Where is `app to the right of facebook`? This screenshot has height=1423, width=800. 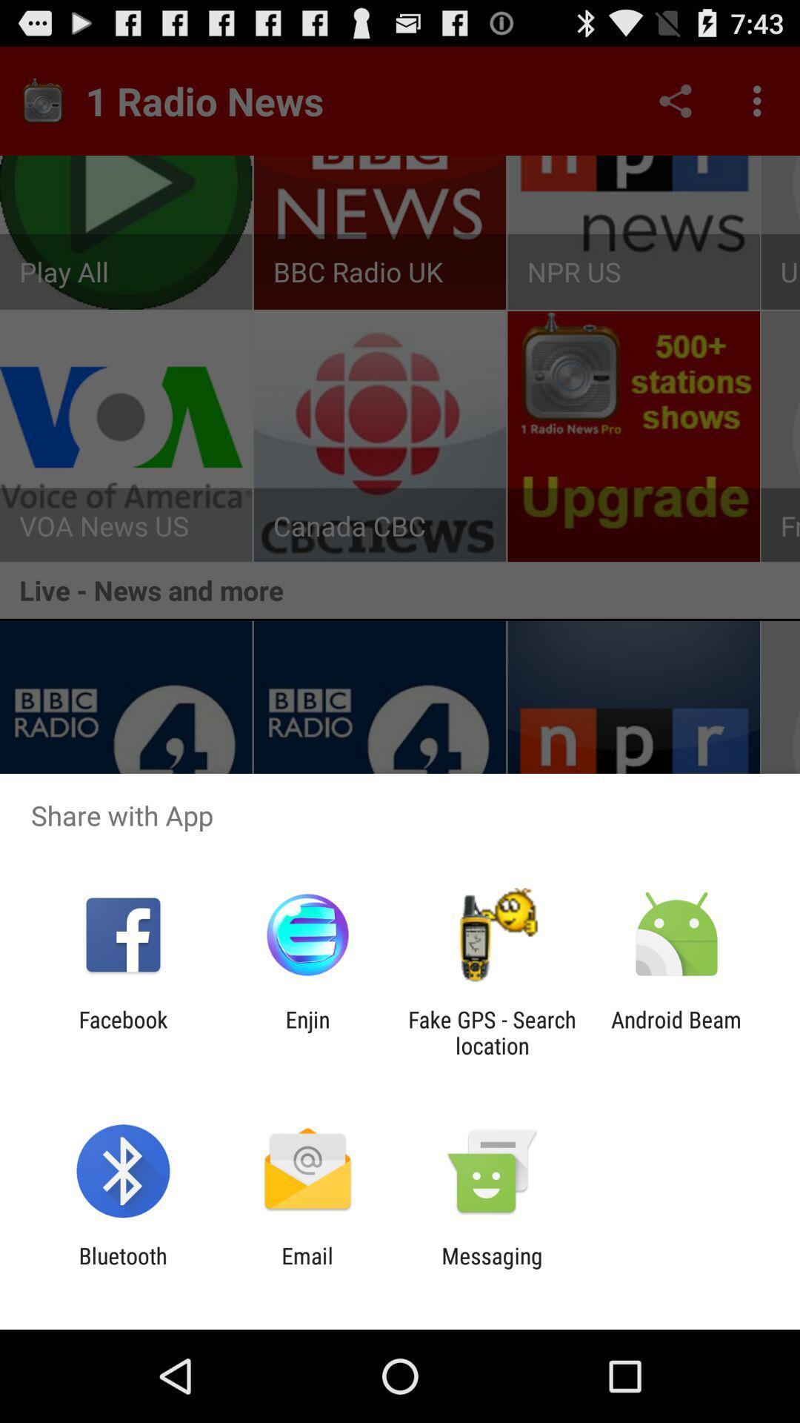 app to the right of facebook is located at coordinates (307, 1032).